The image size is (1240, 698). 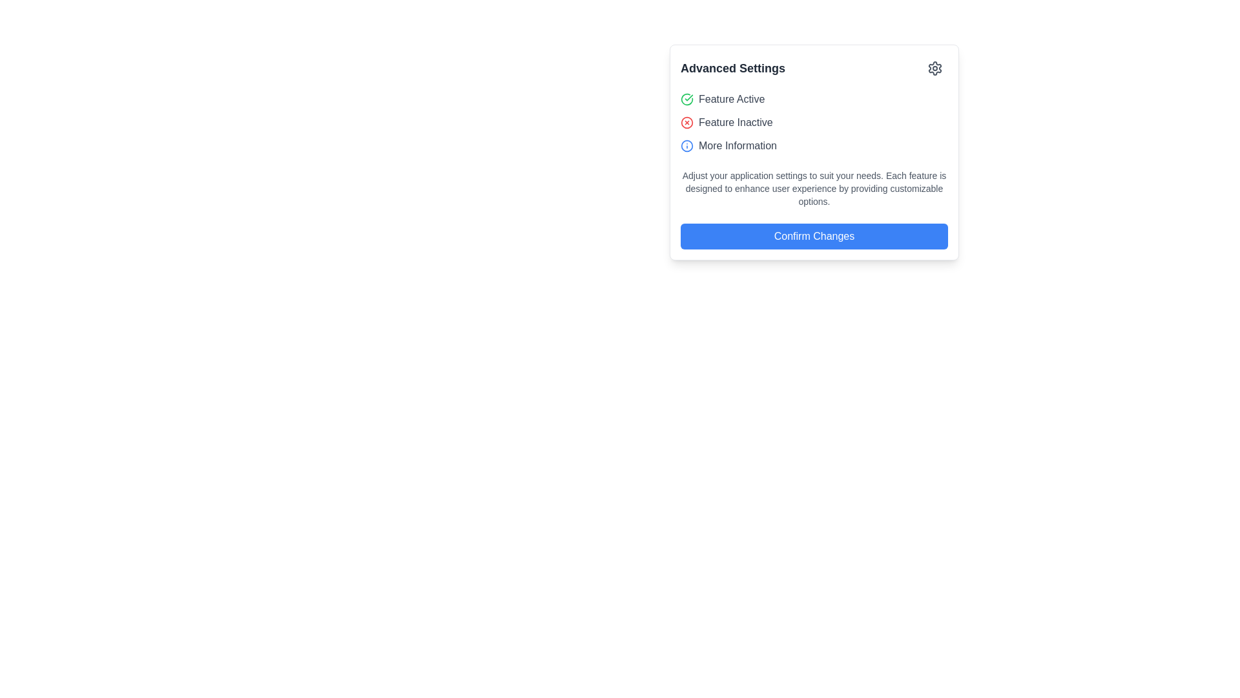 I want to click on the descriptive text element that advises on adjusting application settings, which is styled with a small font size and light gray color, located in the 'Advanced Settings' section of the card, so click(x=814, y=189).